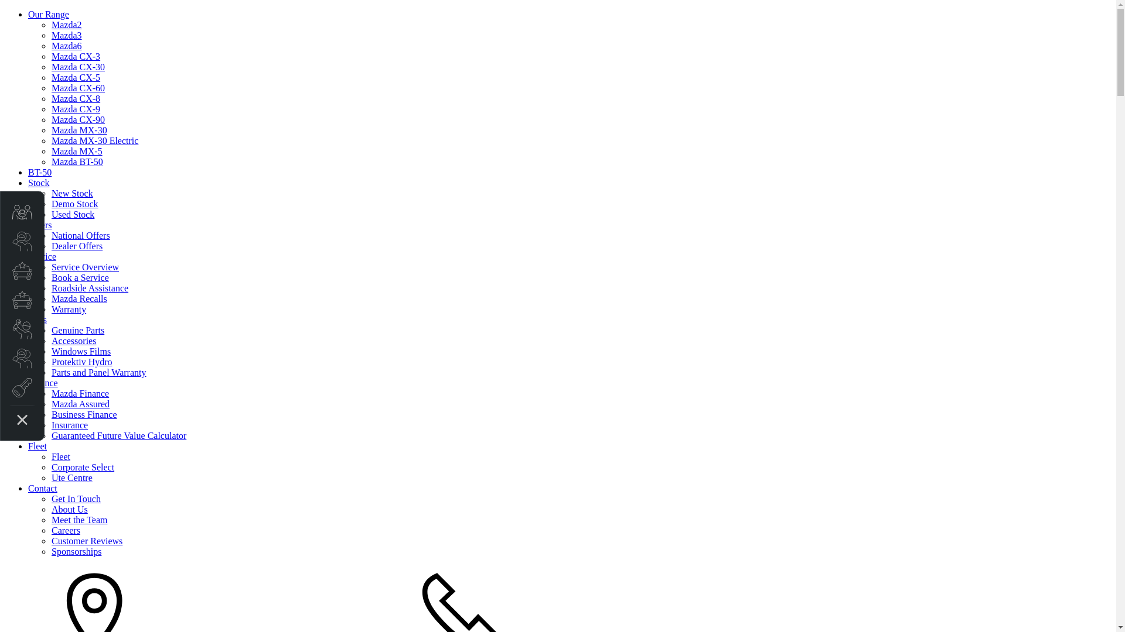 The width and height of the screenshot is (1125, 632). What do you see at coordinates (77, 330) in the screenshot?
I see `'Genuine Parts'` at bounding box center [77, 330].